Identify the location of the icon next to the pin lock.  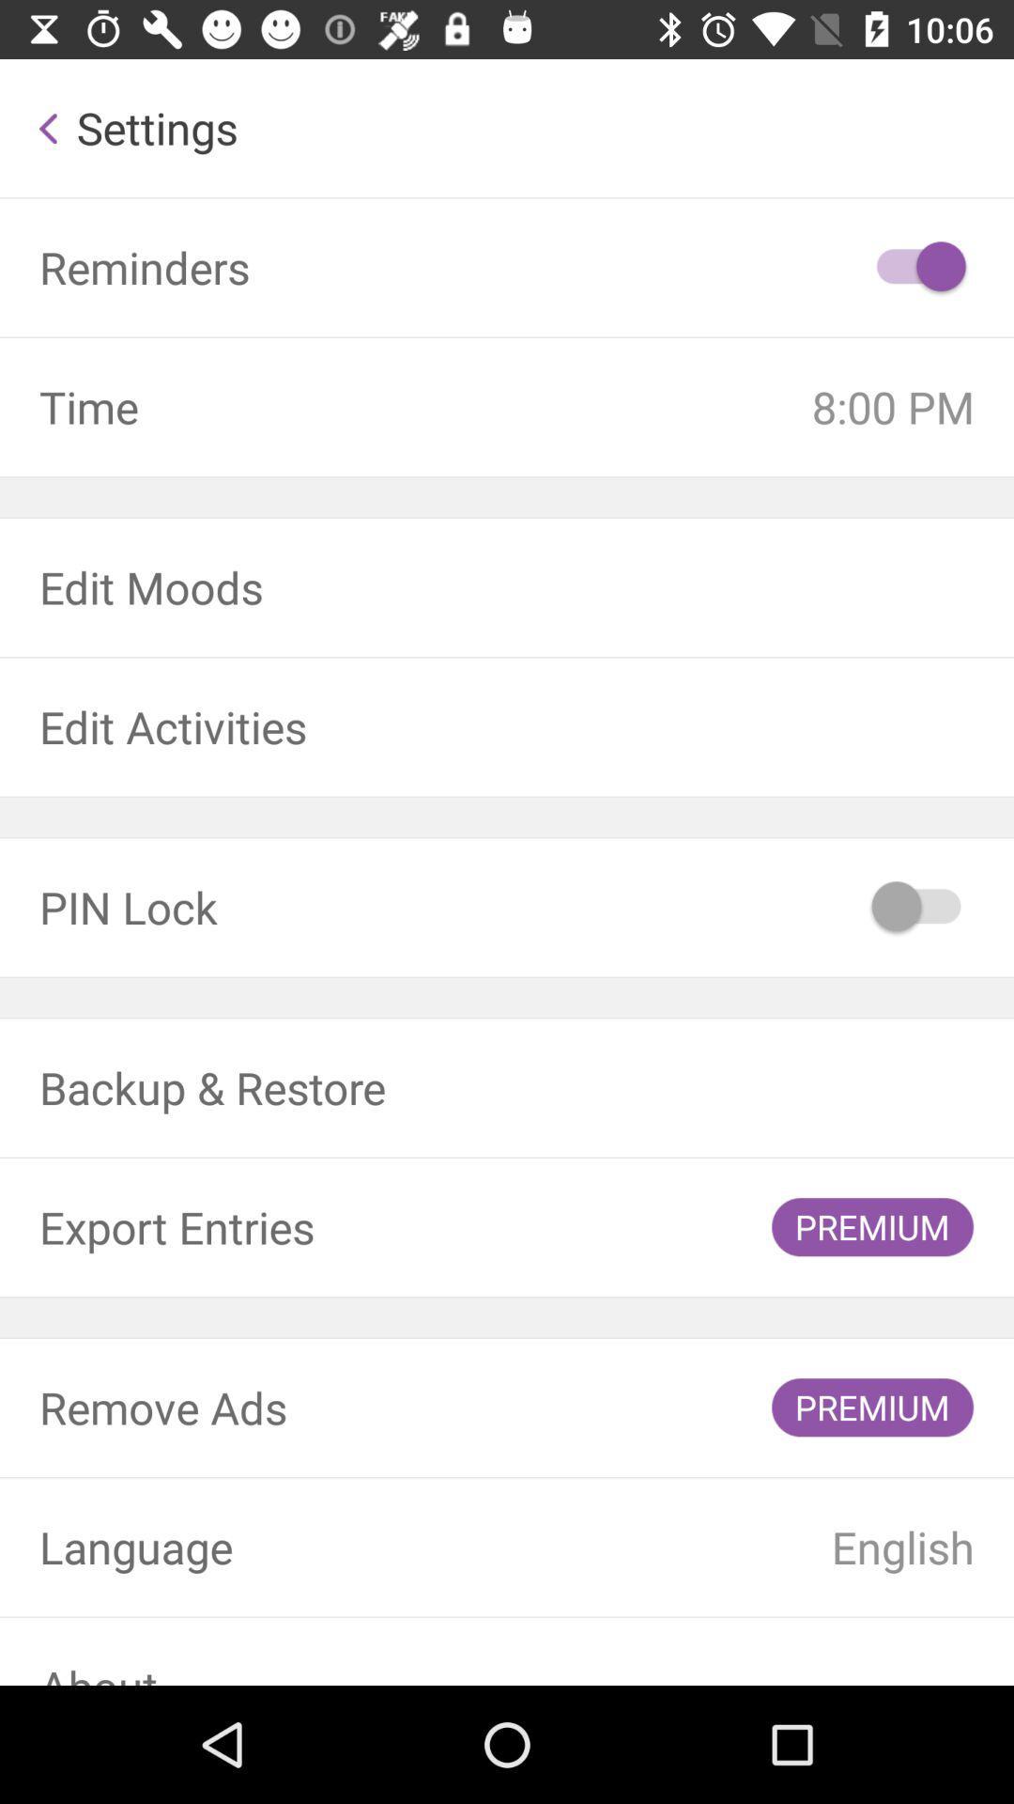
(917, 907).